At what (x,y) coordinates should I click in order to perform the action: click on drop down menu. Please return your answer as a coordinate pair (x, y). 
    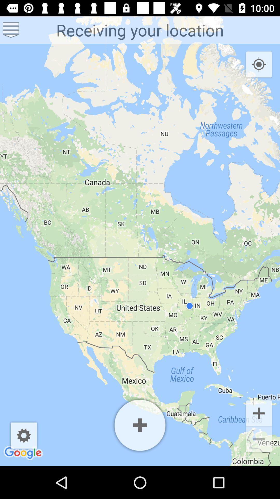
    Looking at the image, I should click on (11, 30).